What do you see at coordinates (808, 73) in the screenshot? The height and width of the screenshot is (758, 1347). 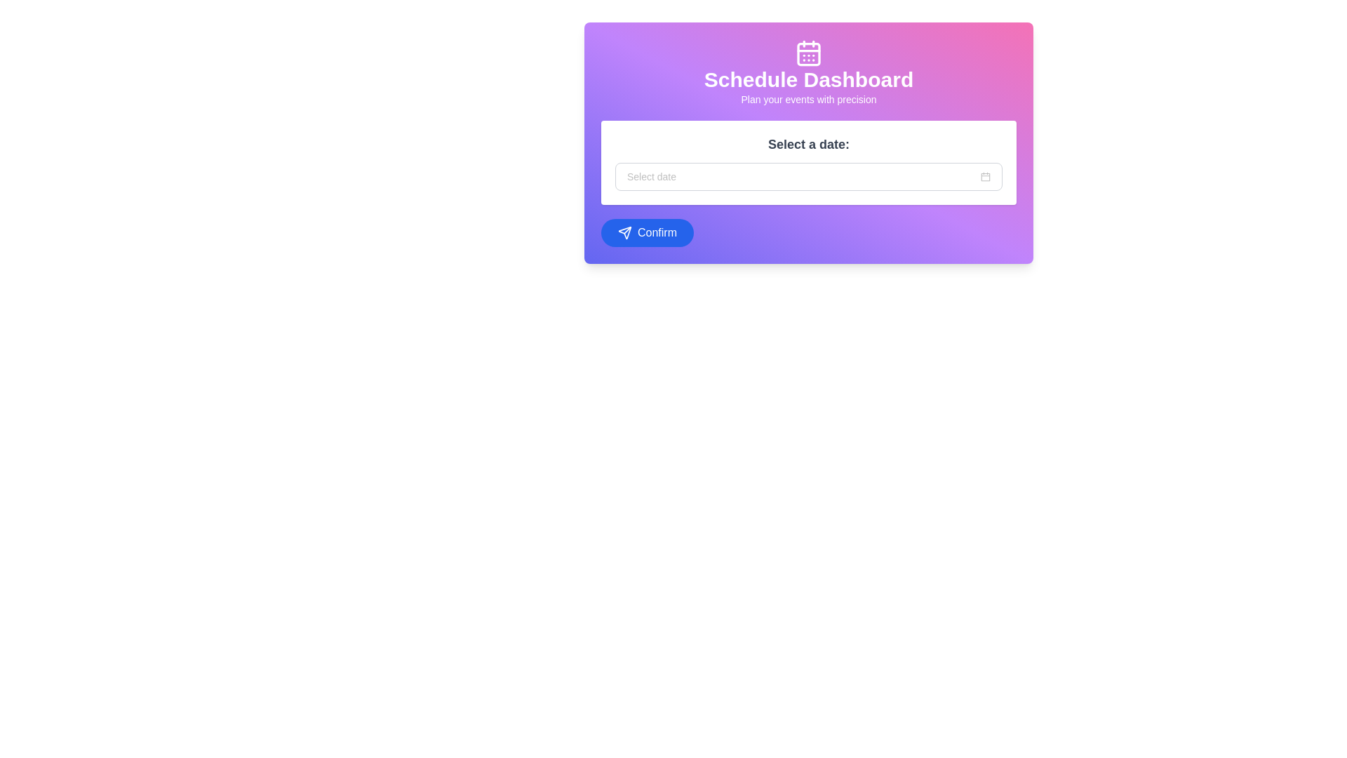 I see `the title and subtitle text element with decorative icon at the top of the dashboard interface, positioned centrally between the calendar icon and the 'Select a date' area` at bounding box center [808, 73].